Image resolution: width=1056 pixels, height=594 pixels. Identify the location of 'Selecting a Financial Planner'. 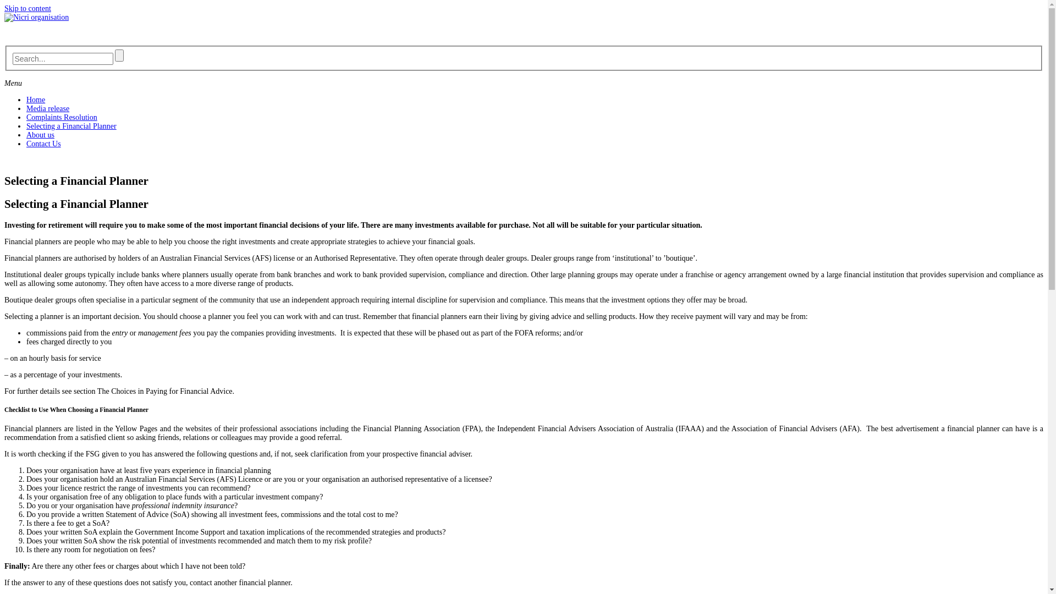
(70, 125).